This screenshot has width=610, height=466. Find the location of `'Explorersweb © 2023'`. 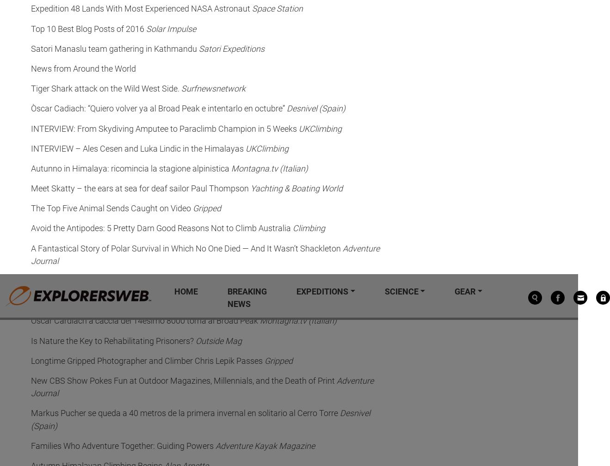

'Explorersweb © 2023' is located at coordinates (515, 178).